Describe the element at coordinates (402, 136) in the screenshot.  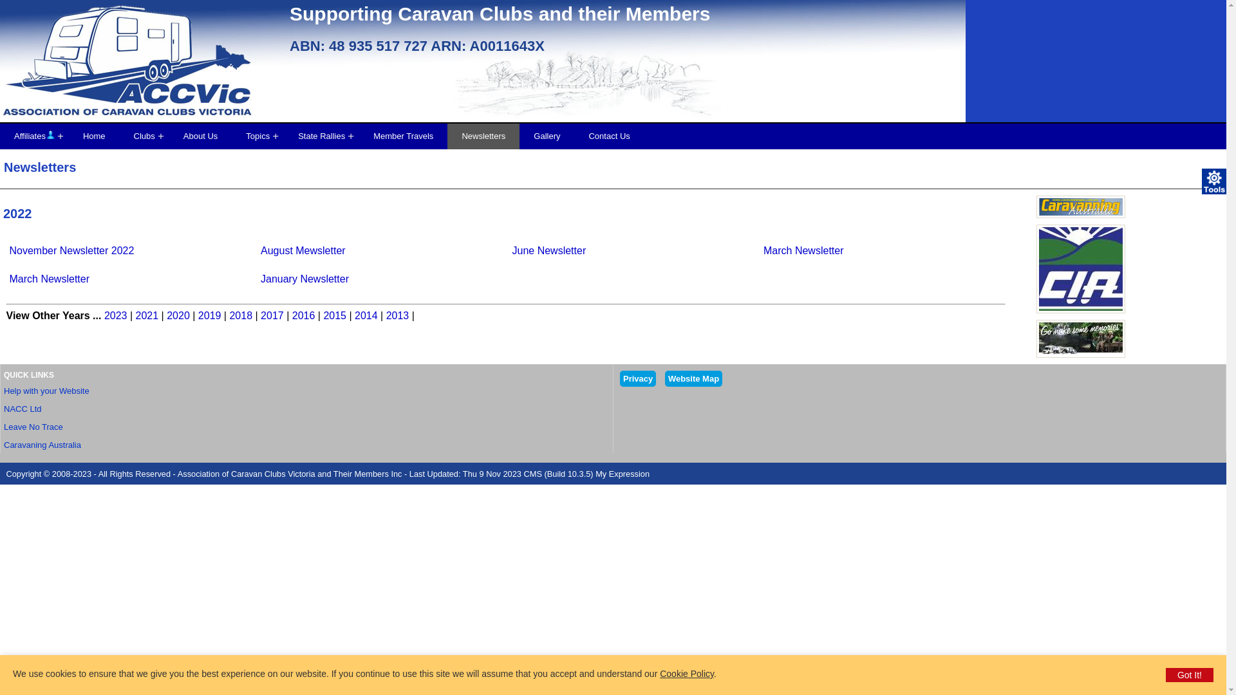
I see `'Member Travels'` at that location.